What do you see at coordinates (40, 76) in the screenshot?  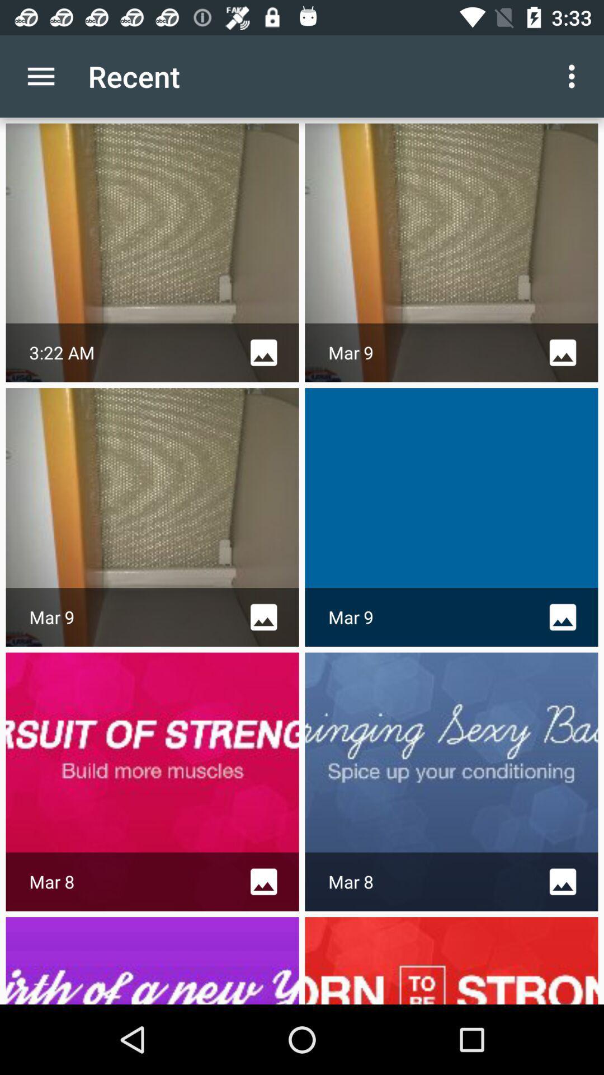 I see `icon to the left of the recent app` at bounding box center [40, 76].